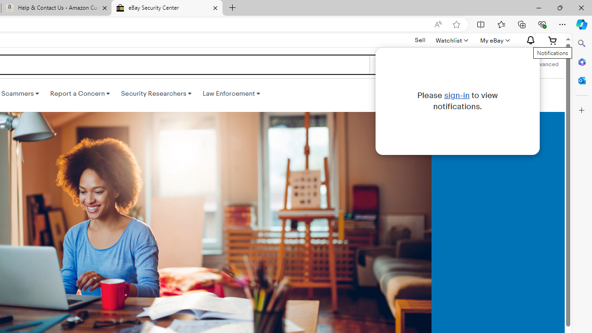  I want to click on 'Please sign-in to view notifications.', so click(457, 101).